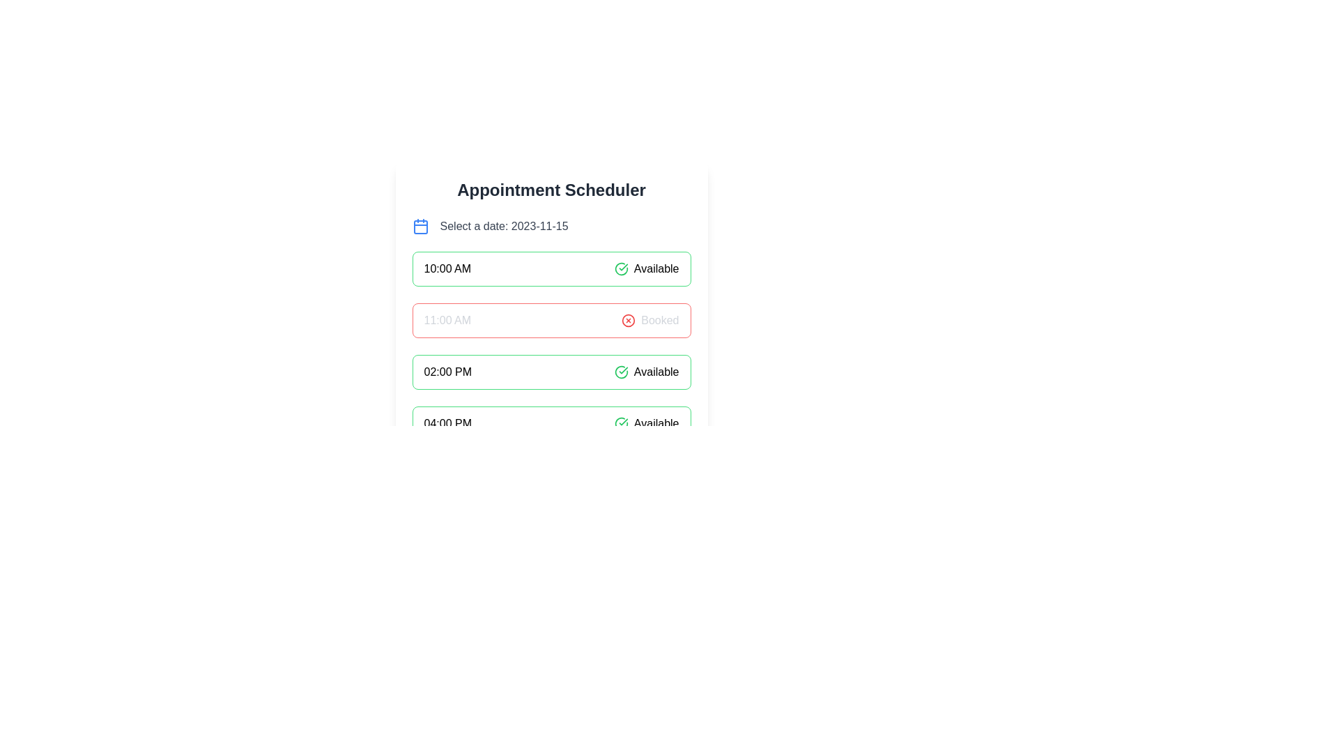  What do you see at coordinates (551, 309) in the screenshot?
I see `the time slot marked '11:00 AM Booked' in the scheduling interface` at bounding box center [551, 309].